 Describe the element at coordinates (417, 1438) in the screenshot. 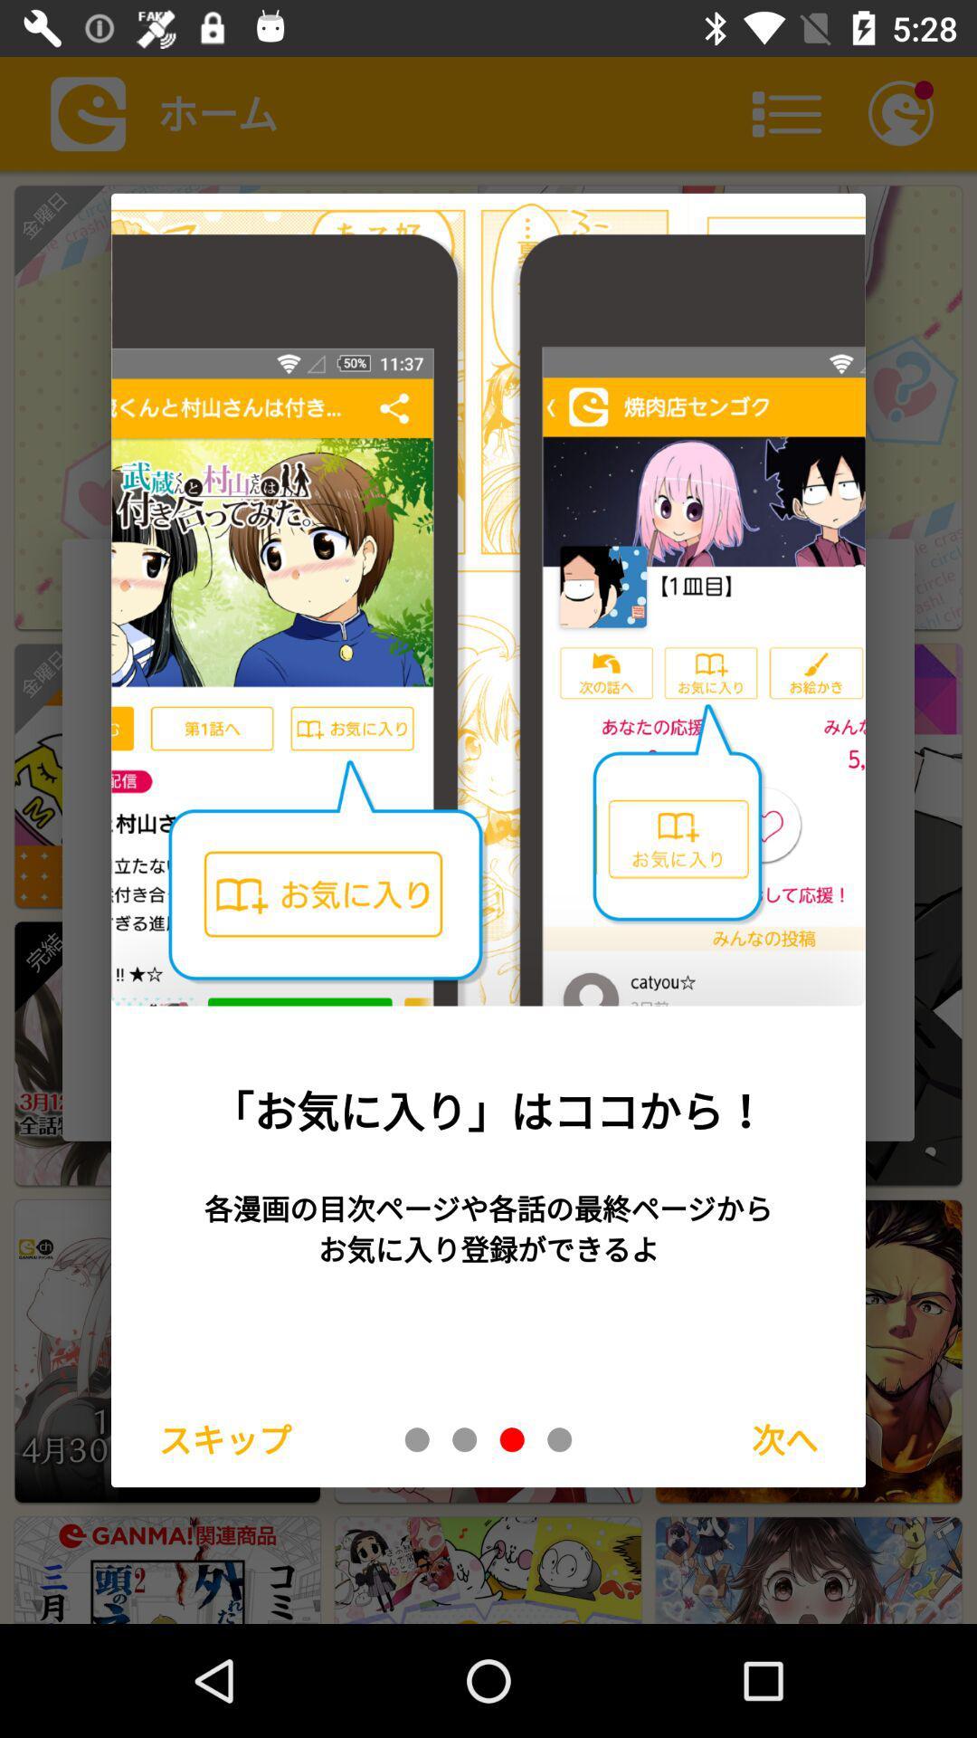

I see `tab` at that location.